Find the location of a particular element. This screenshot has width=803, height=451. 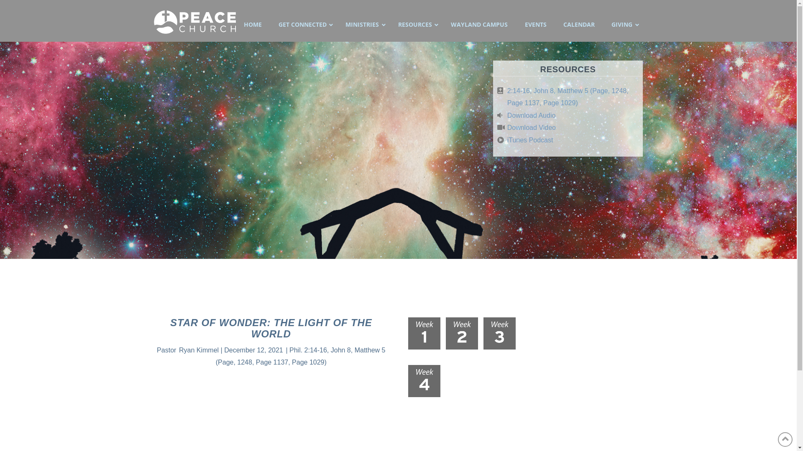

'iTunes Podcast' is located at coordinates (529, 139).